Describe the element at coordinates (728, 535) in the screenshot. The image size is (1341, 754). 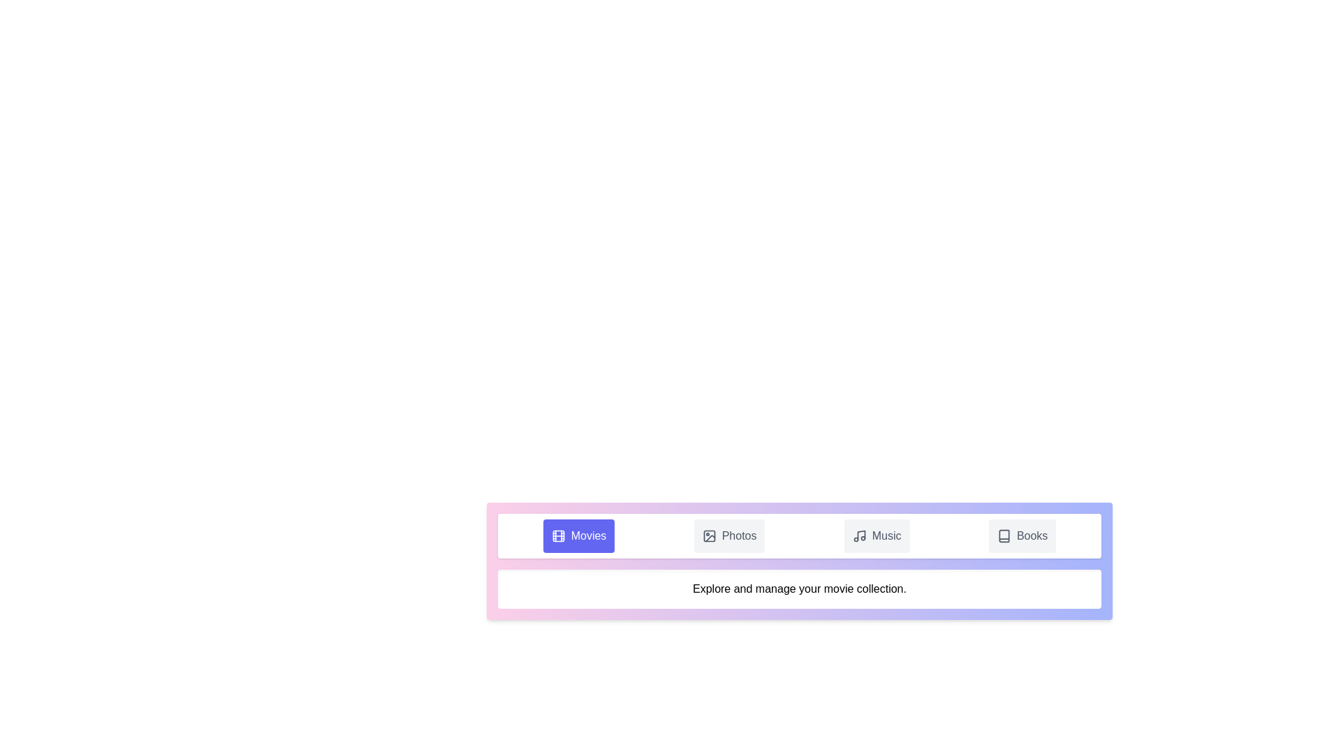
I see `the 'Photos' tab button to observe the visual feedback` at that location.